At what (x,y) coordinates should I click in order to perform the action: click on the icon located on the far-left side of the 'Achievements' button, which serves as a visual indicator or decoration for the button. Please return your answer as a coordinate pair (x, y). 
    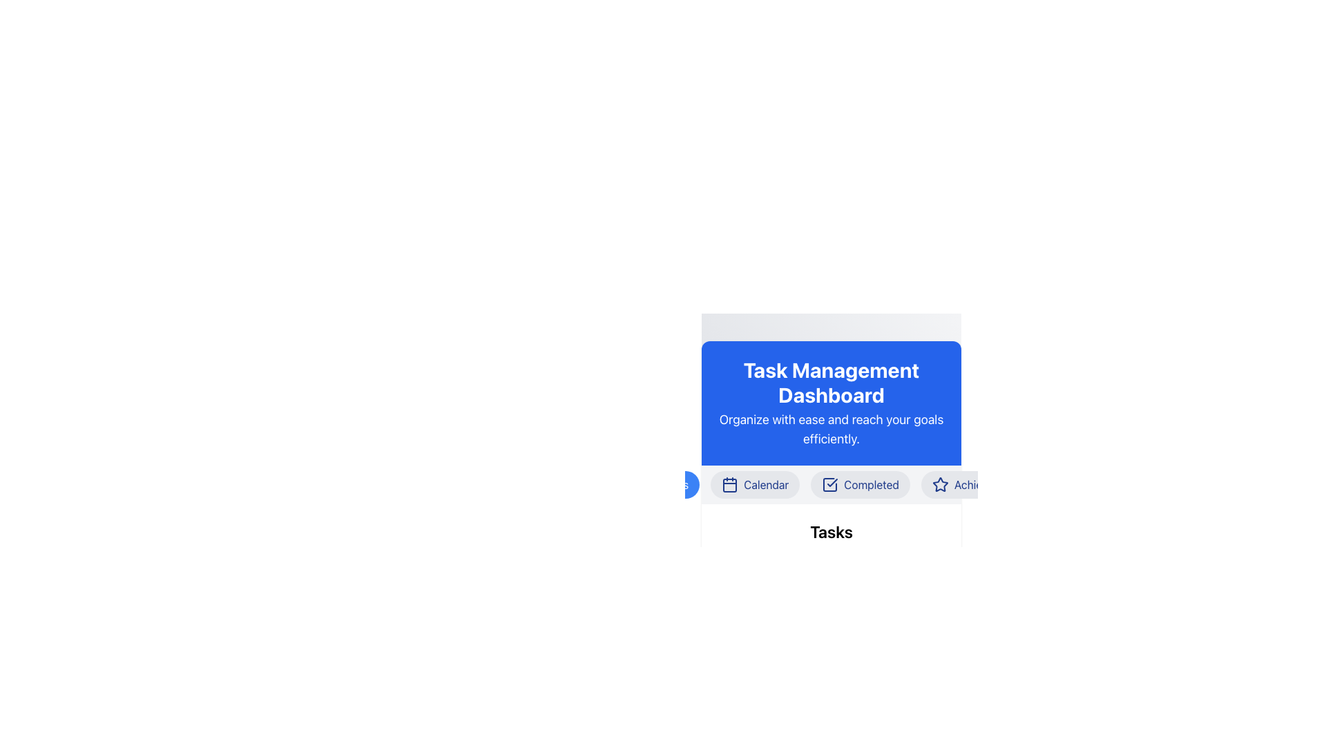
    Looking at the image, I should click on (939, 484).